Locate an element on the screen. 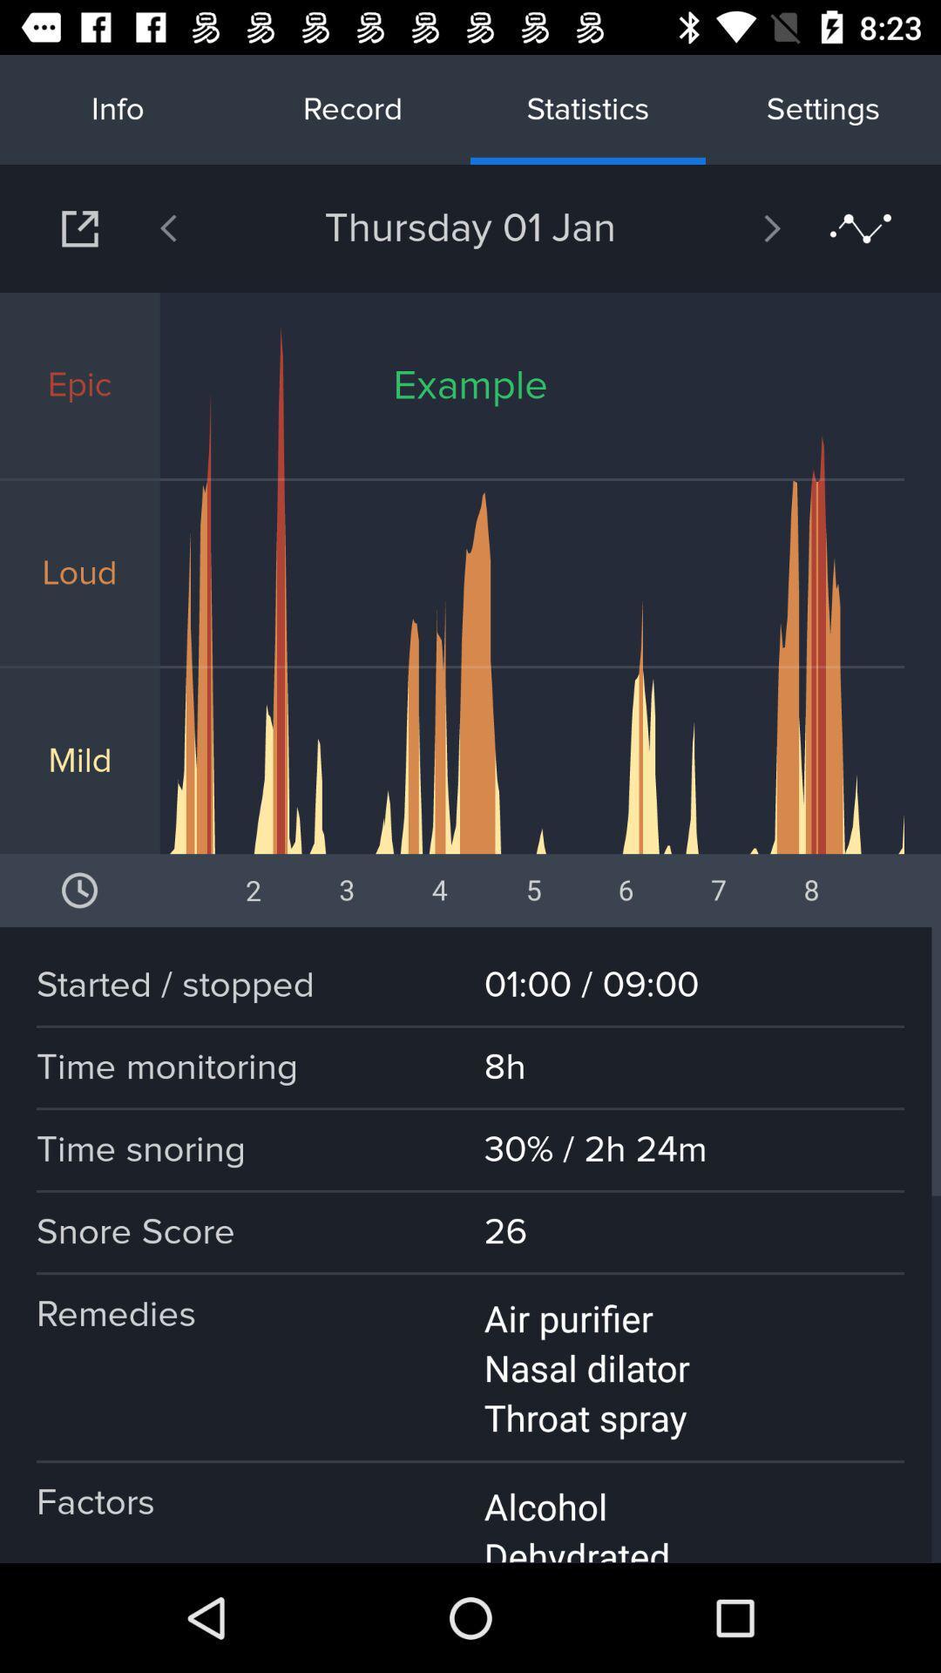 The image size is (941, 1673). previous date is located at coordinates (213, 227).